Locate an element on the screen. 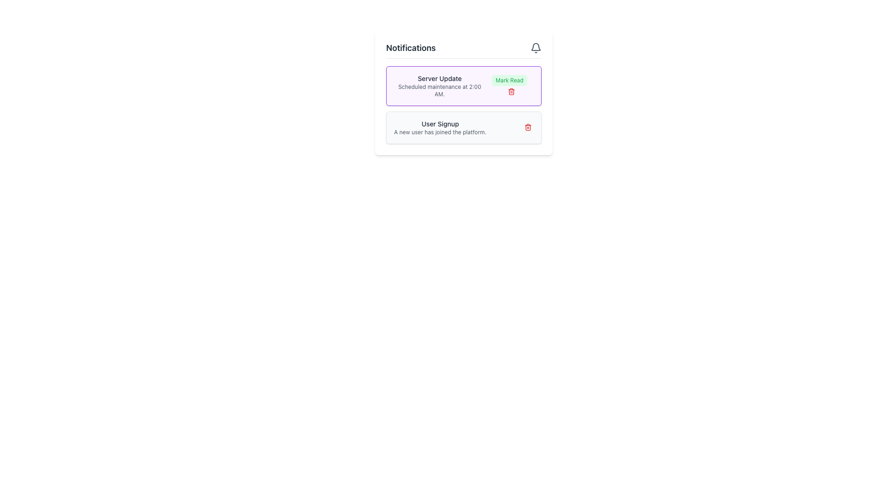 This screenshot has width=888, height=500. the trash bin icon button located at the top right corner of the first notification item under the 'Server Update' label is located at coordinates (511, 92).